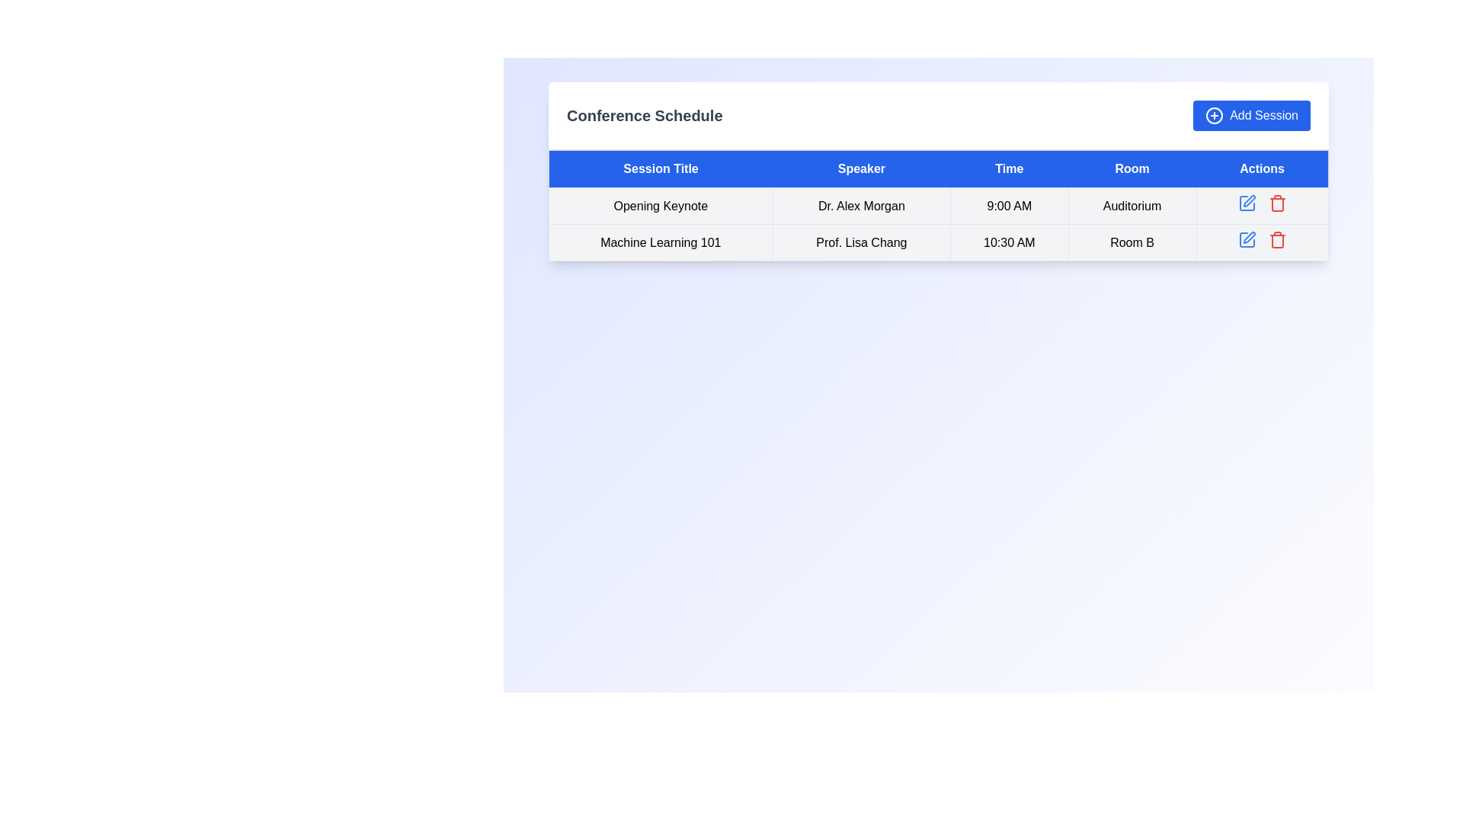 This screenshot has width=1463, height=823. I want to click on the blue edit pen icon located in the Actions column of the first row of the table under the conference schedule section, so click(1247, 202).